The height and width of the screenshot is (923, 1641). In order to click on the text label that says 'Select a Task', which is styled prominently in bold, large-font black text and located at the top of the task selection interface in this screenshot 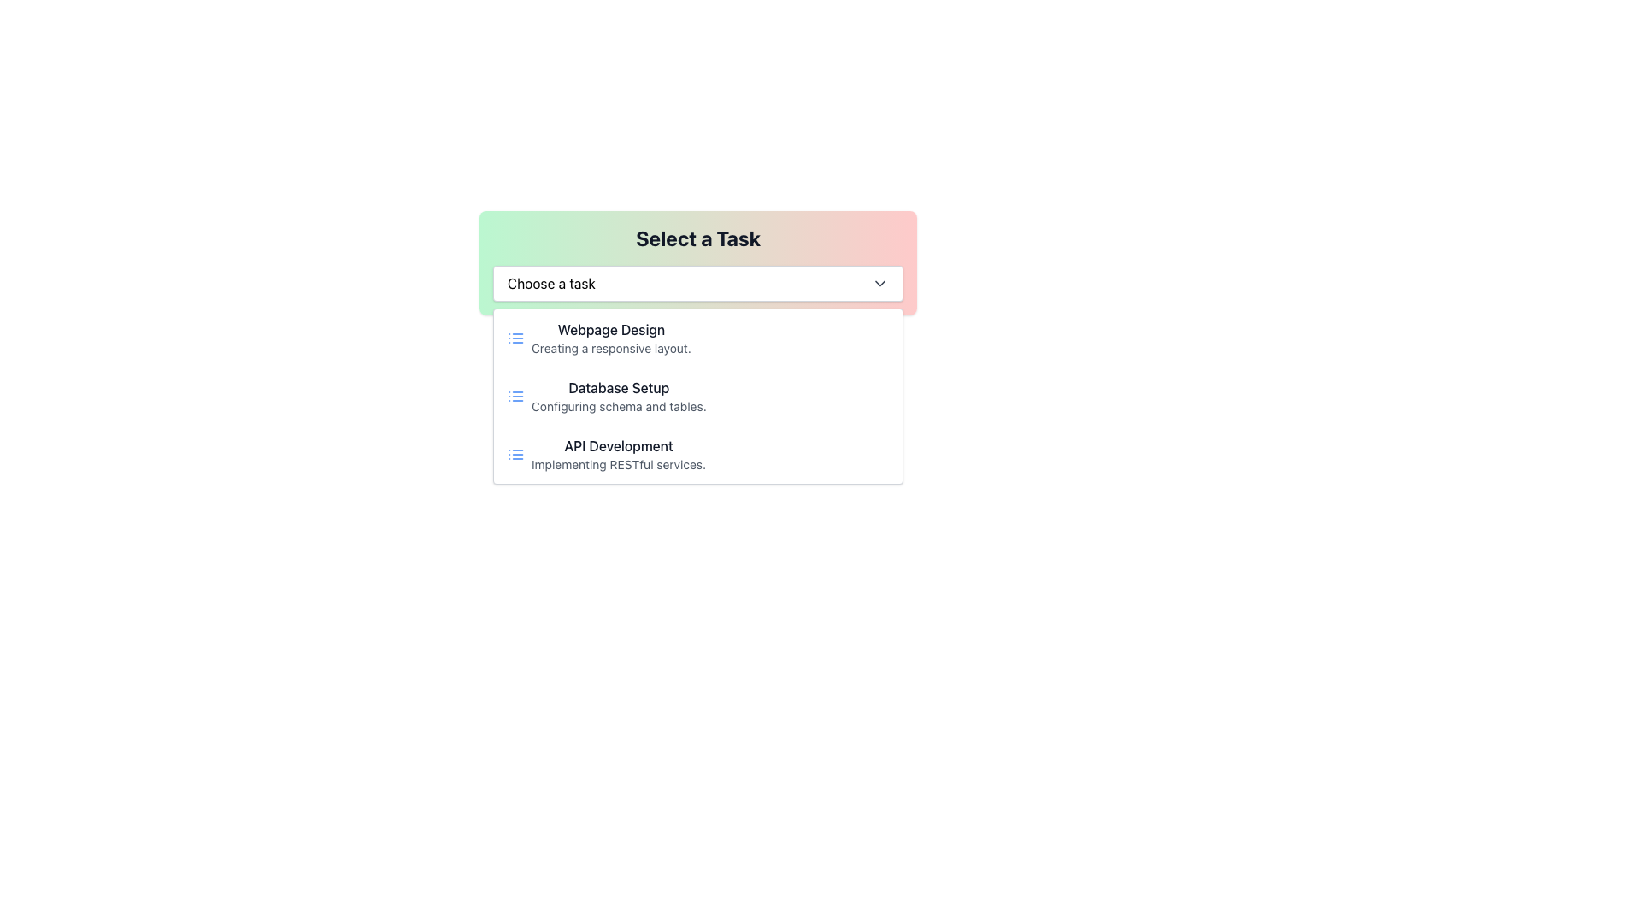, I will do `click(697, 238)`.